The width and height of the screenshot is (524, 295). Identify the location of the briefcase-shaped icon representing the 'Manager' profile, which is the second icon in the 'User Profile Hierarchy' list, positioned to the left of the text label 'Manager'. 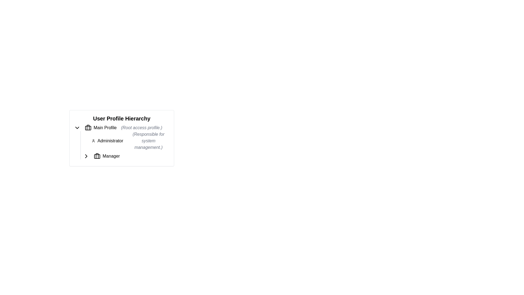
(97, 156).